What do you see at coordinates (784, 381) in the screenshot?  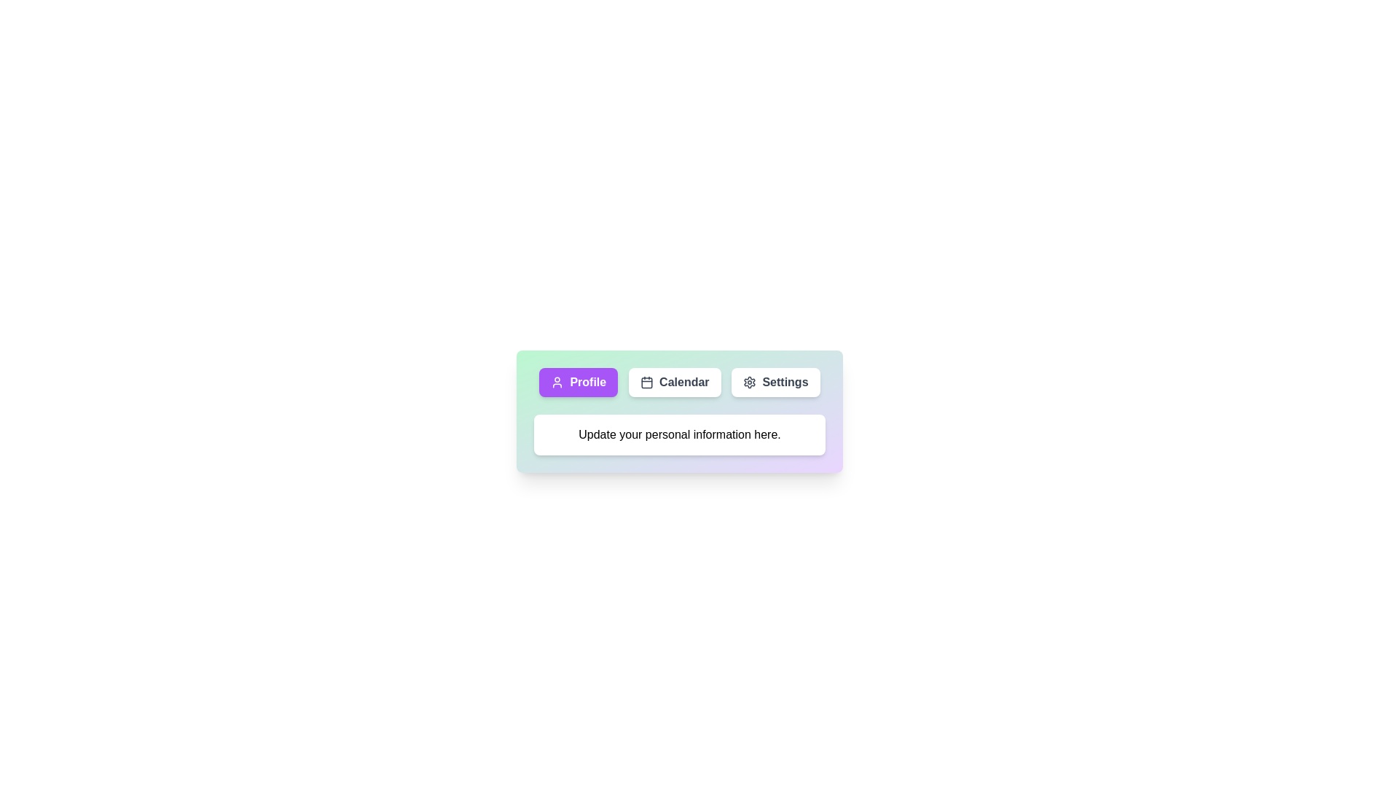 I see `the button labeled 'Settings' which is the third button in a row of three buttons` at bounding box center [784, 381].